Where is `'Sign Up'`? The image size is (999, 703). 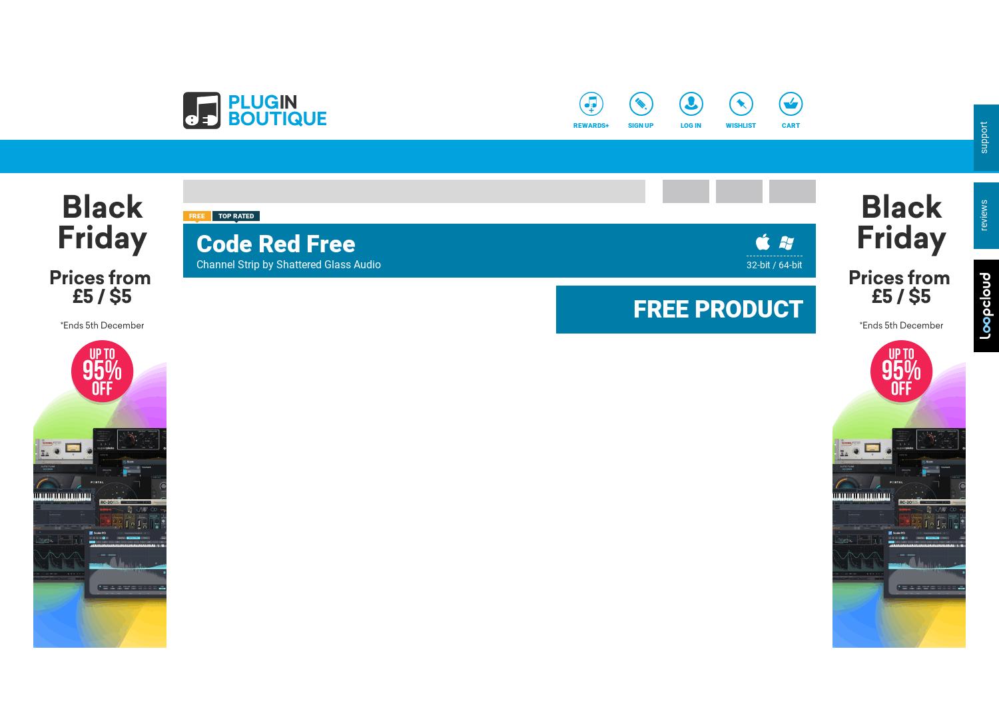
'Sign Up' is located at coordinates (640, 125).